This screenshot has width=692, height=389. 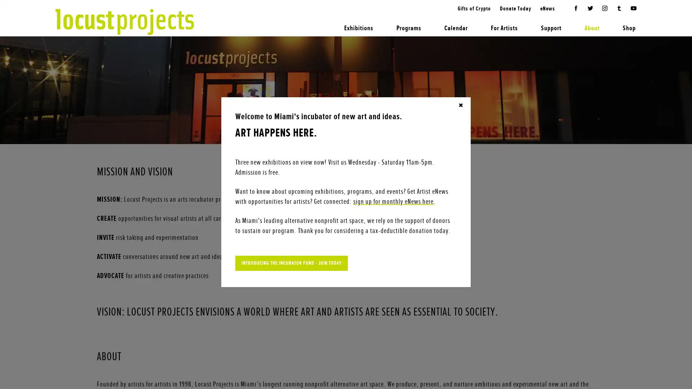 What do you see at coordinates (291, 263) in the screenshot?
I see `INTRODUCING THE INCUBATOR FUND - JOIN TODAY` at bounding box center [291, 263].